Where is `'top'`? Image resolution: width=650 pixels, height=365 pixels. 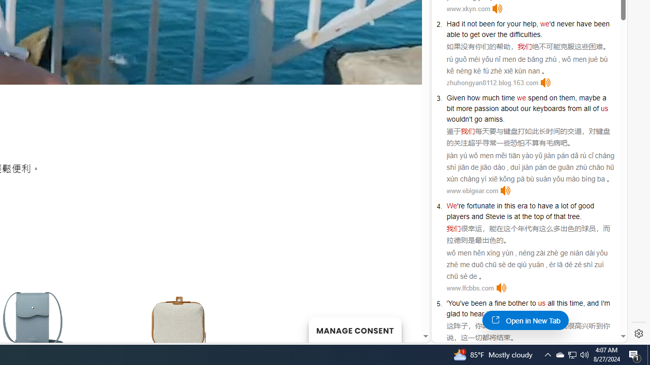
'top' is located at coordinates (538, 215).